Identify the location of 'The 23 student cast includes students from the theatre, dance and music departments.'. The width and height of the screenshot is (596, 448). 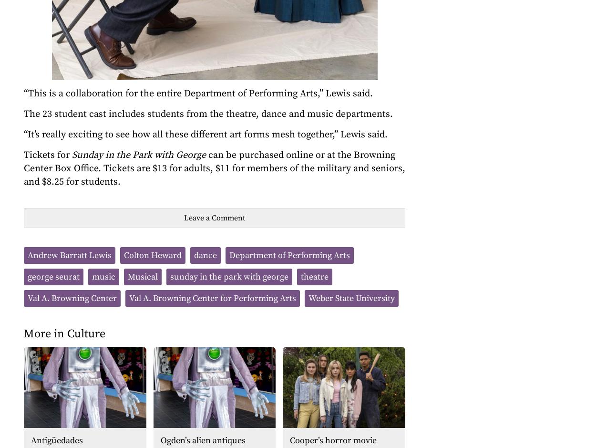
(208, 114).